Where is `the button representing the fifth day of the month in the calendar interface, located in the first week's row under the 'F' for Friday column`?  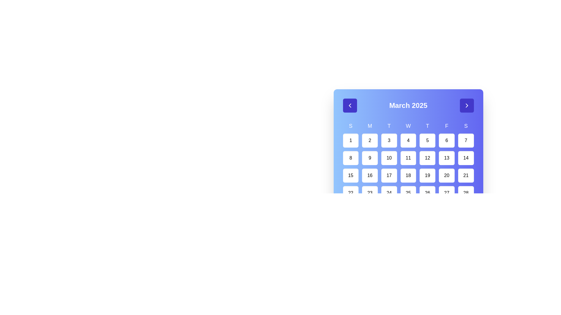 the button representing the fifth day of the month in the calendar interface, located in the first week's row under the 'F' for Friday column is located at coordinates (427, 141).